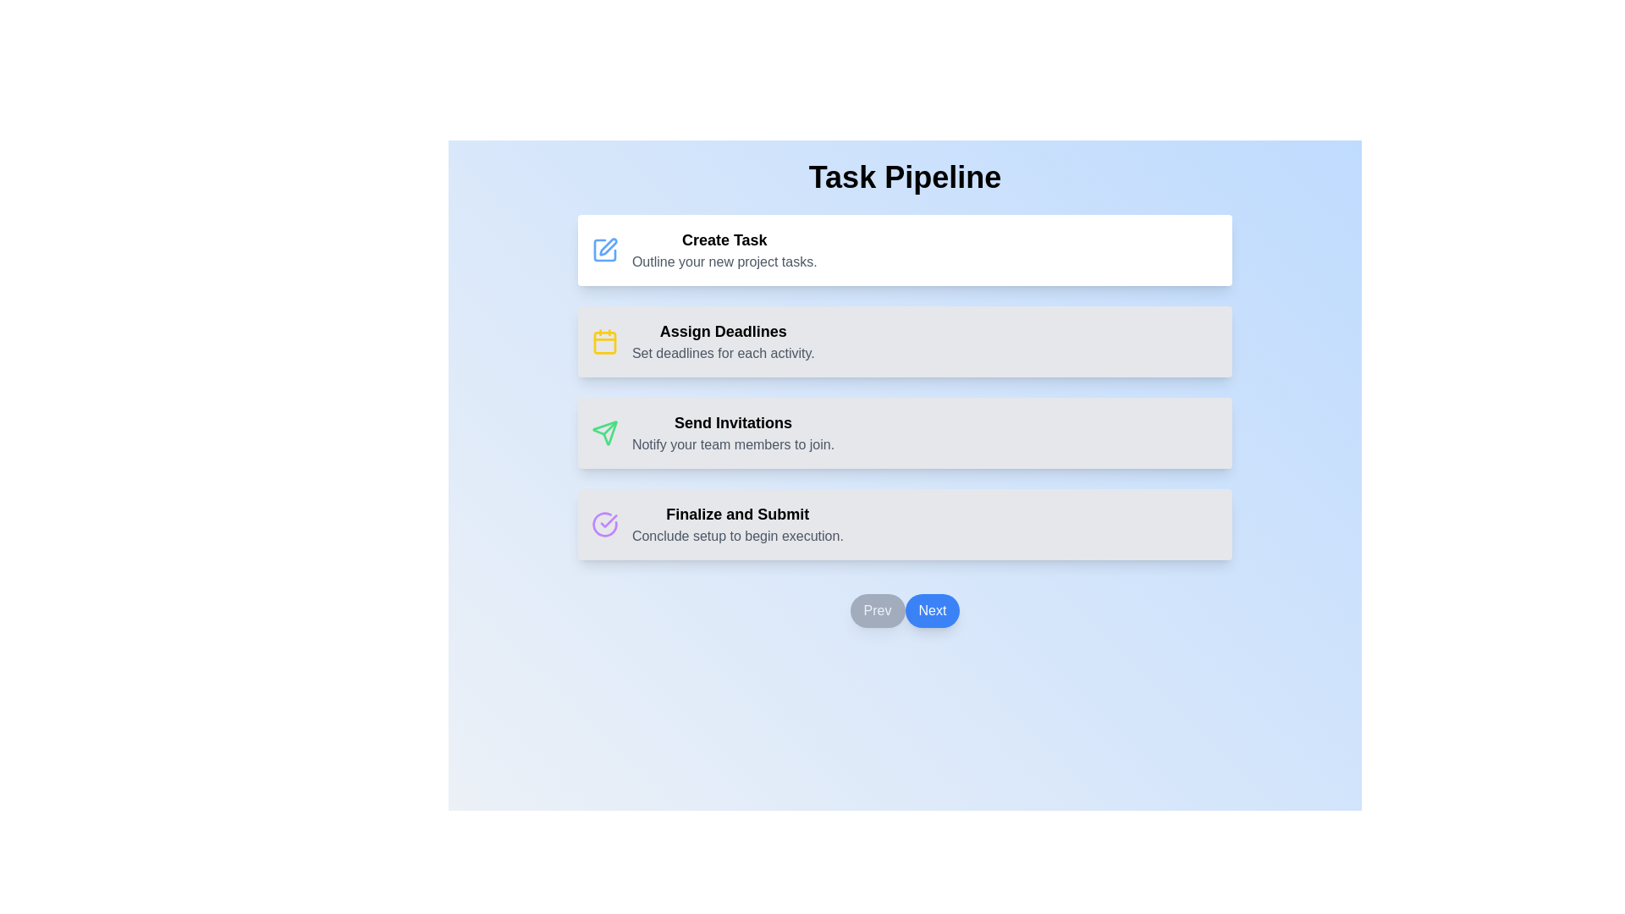 This screenshot has height=914, width=1625. What do you see at coordinates (723, 342) in the screenshot?
I see `the 'Assign Deadlines' text label, which is the second item in the vertical list of task descriptions` at bounding box center [723, 342].